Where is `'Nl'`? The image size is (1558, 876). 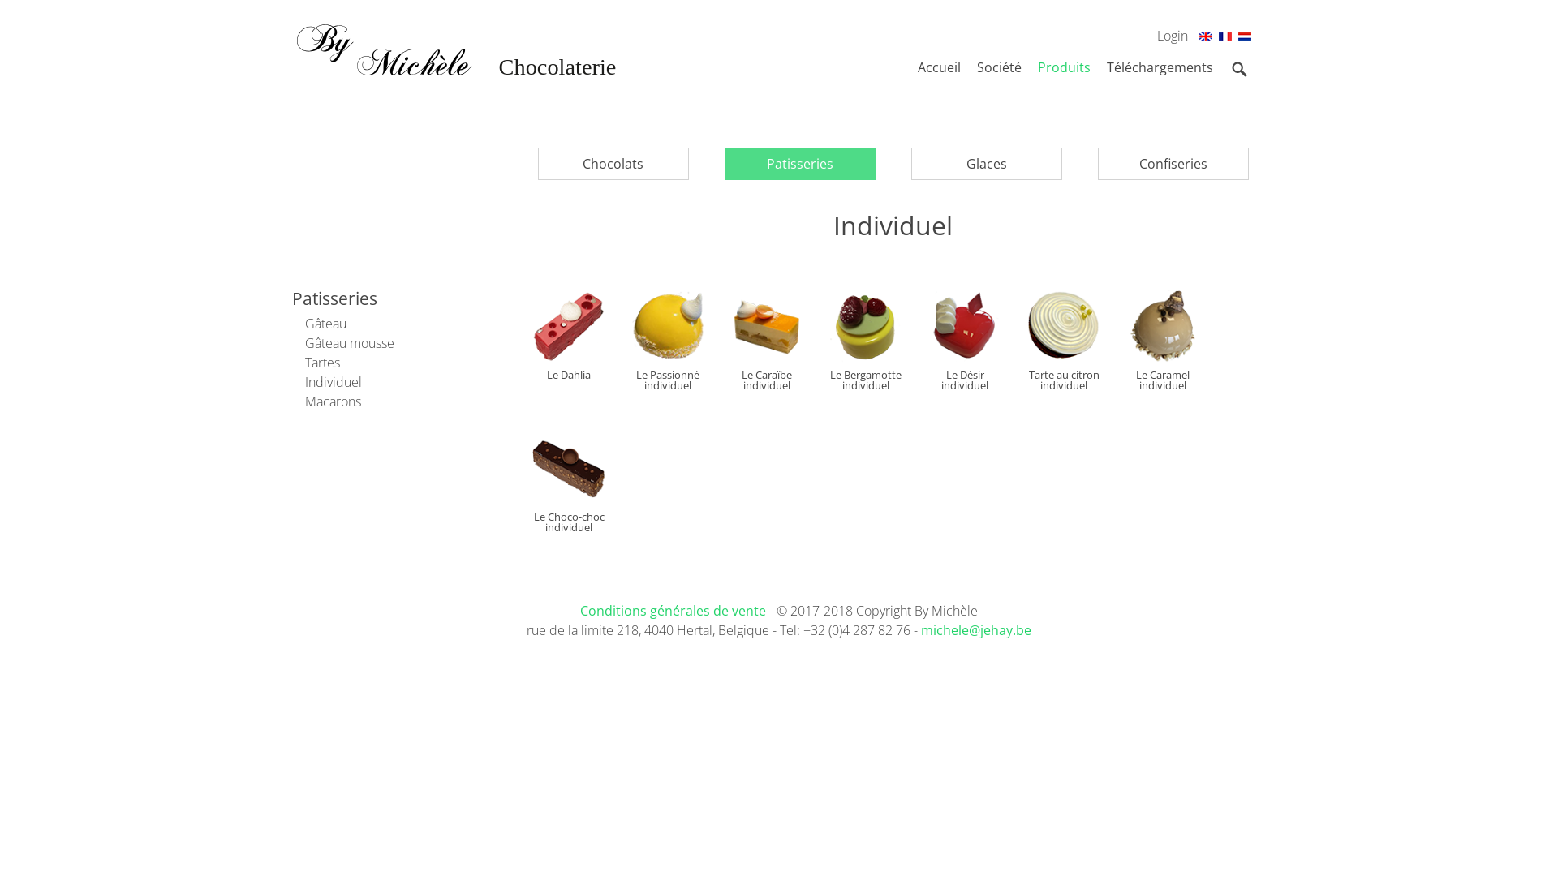 'Nl' is located at coordinates (1244, 37).